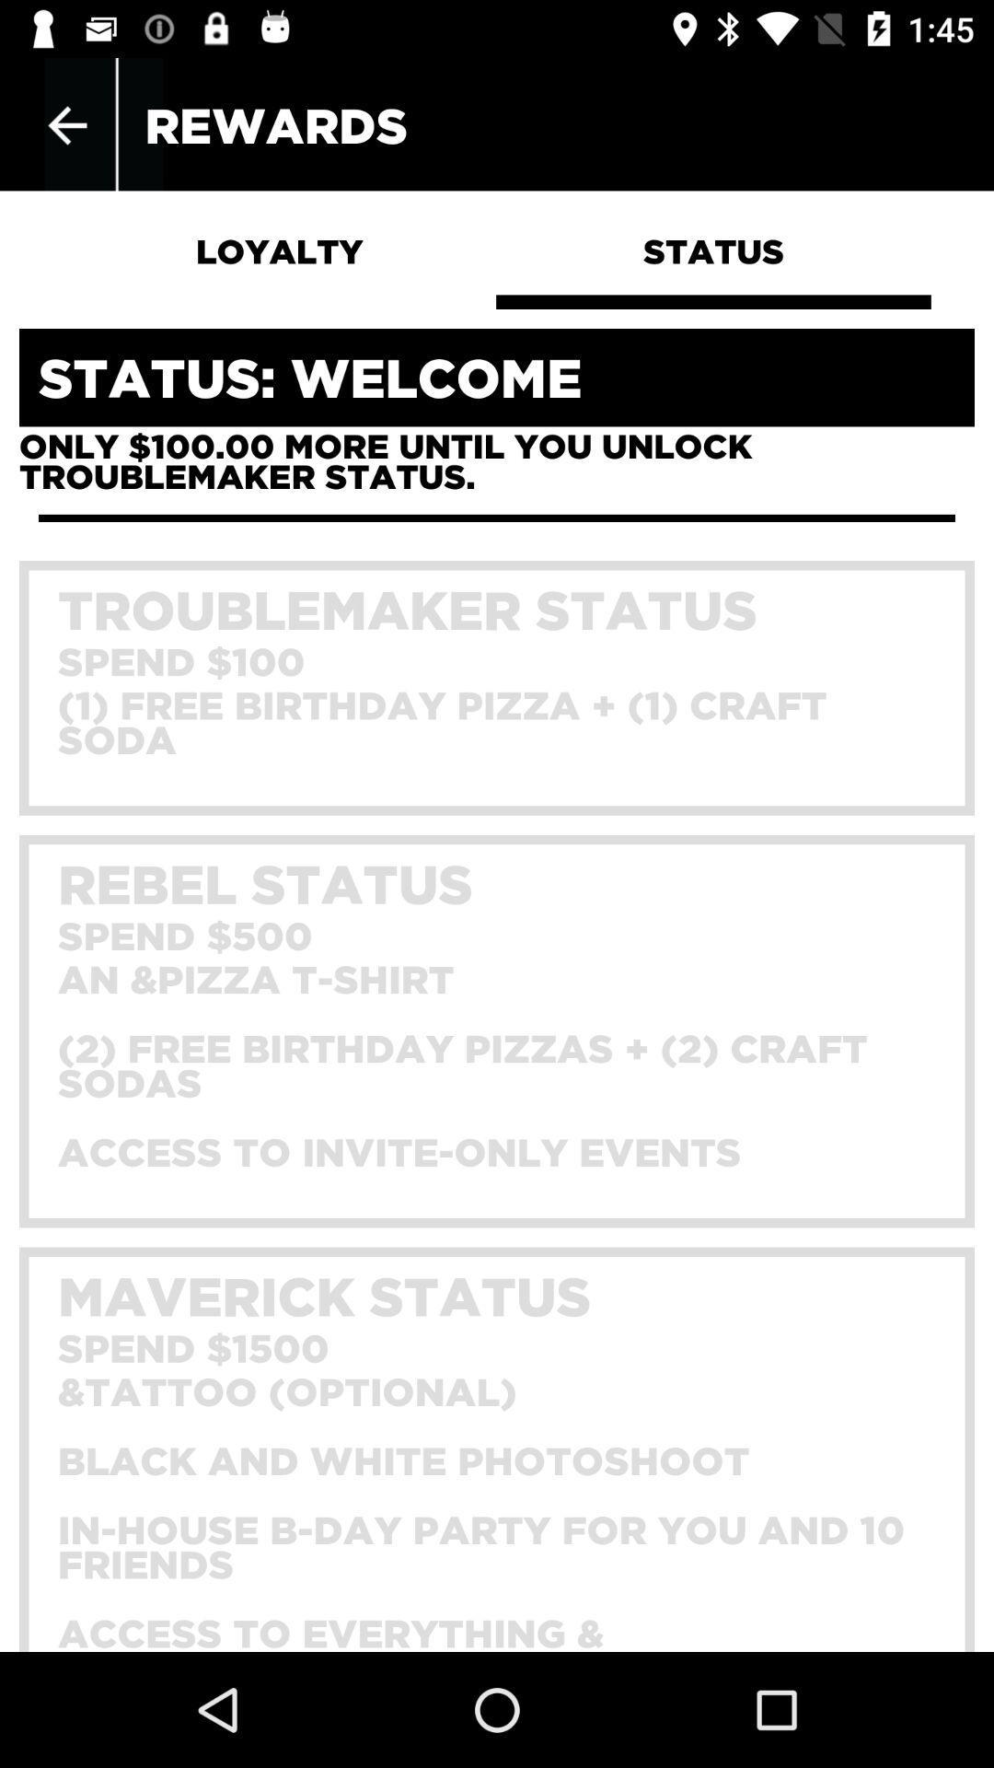 The height and width of the screenshot is (1768, 994). I want to click on item to the left of the rewards icon, so click(66, 124).